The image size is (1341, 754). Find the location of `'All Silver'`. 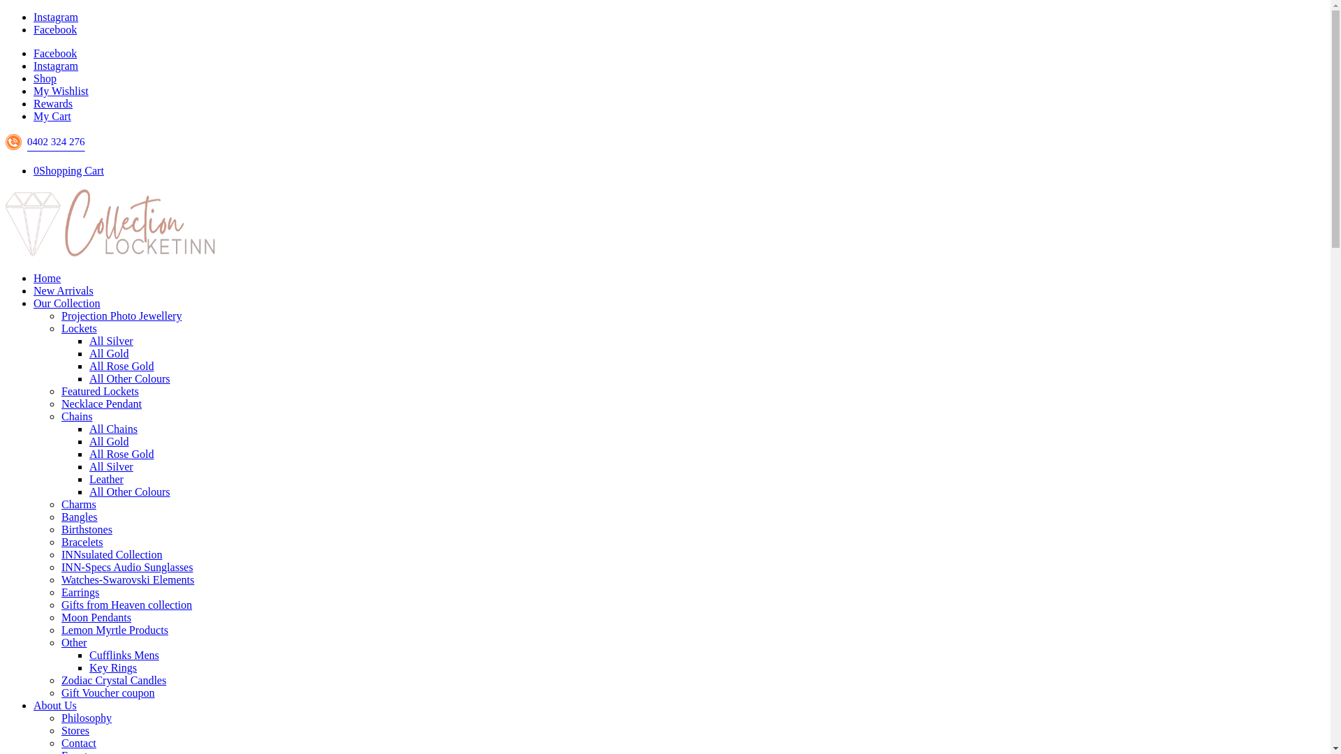

'All Silver' is located at coordinates (89, 466).